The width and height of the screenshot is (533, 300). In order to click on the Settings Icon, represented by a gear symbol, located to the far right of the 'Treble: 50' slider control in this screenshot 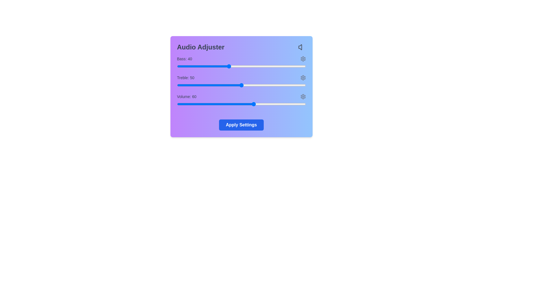, I will do `click(303, 78)`.